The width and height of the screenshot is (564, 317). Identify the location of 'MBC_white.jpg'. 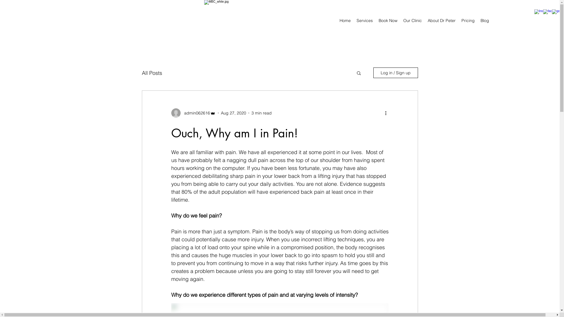
(204, 20).